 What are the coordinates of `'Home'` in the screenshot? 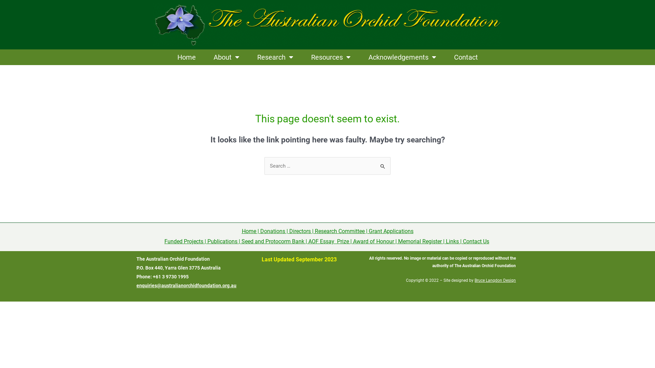 It's located at (248, 231).